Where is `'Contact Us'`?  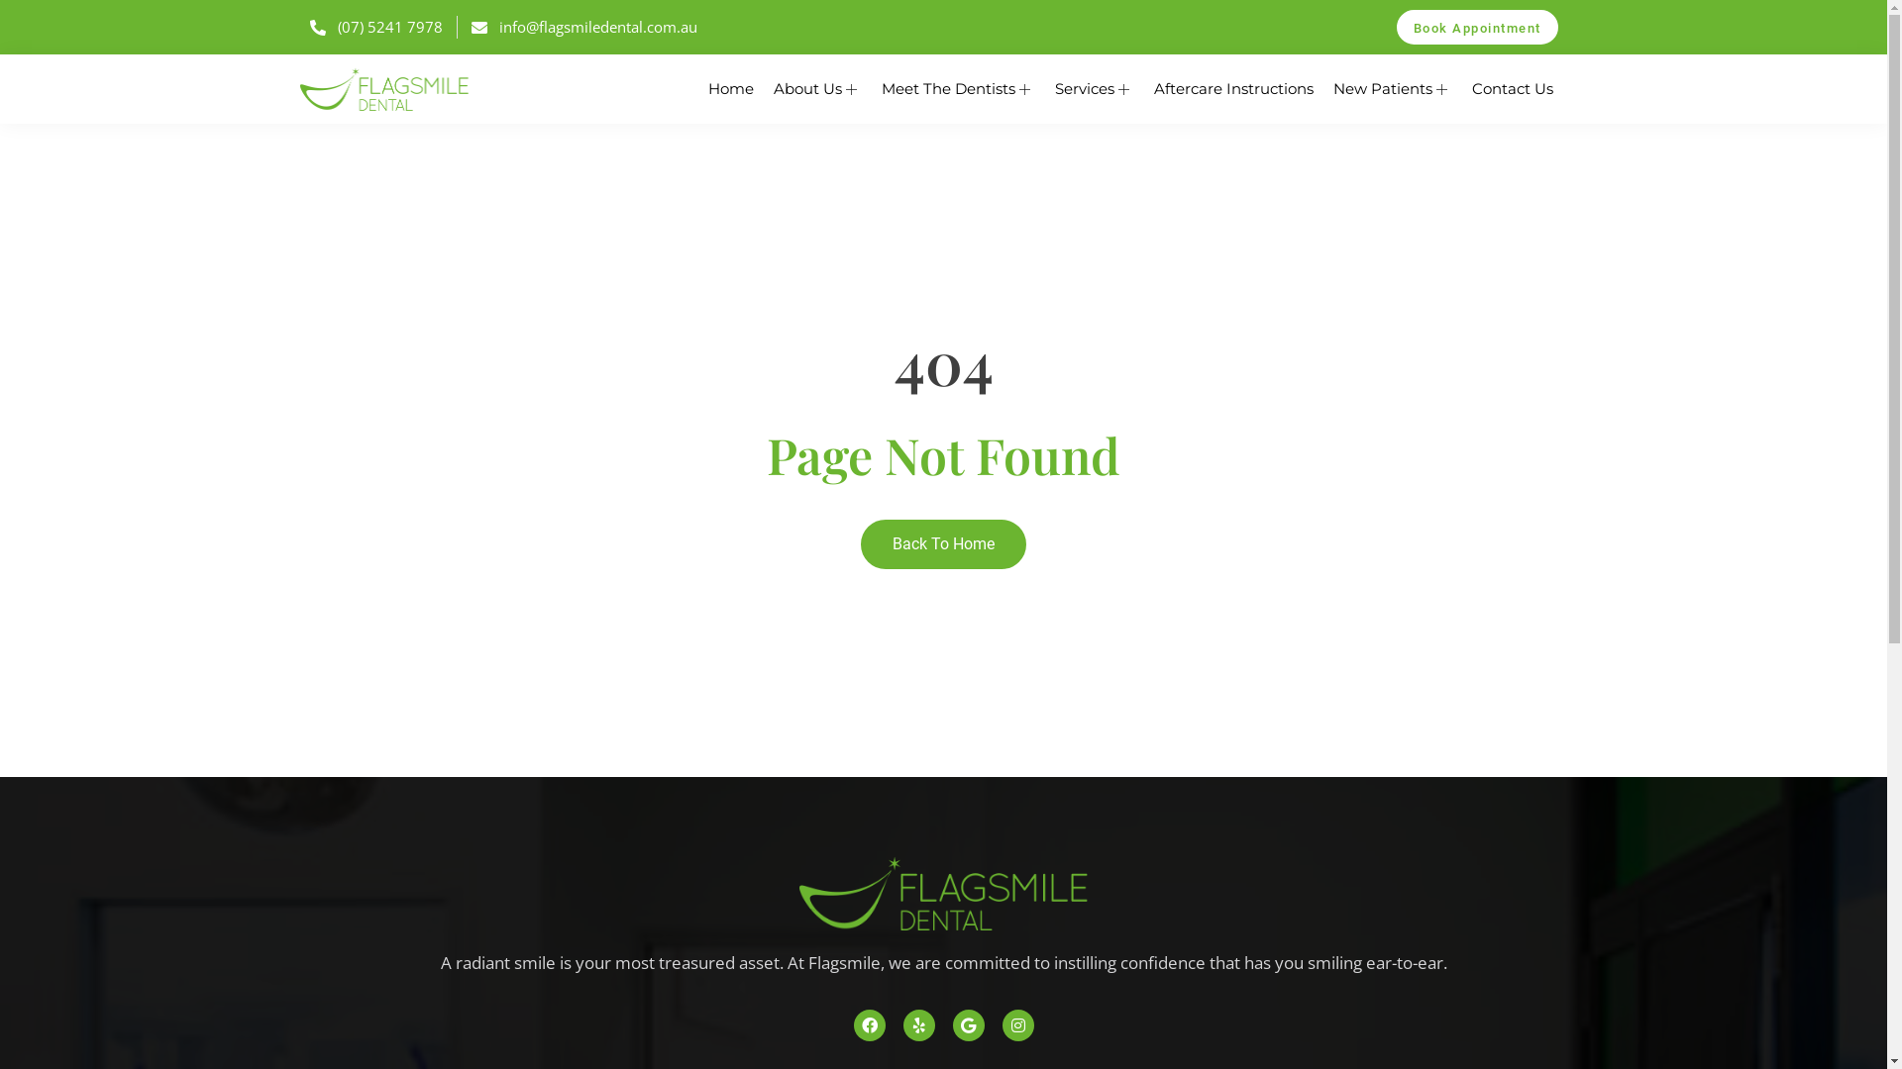
'Contact Us' is located at coordinates (1462, 87).